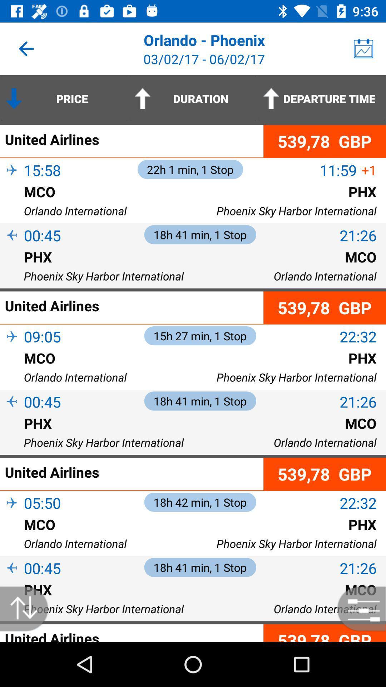 This screenshot has height=687, width=386. What do you see at coordinates (28, 608) in the screenshot?
I see `the swap icon` at bounding box center [28, 608].